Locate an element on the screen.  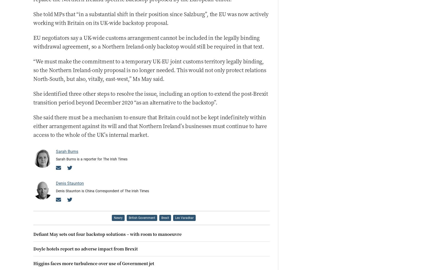
'Sarah Burns is a reporter for The Irish Times' is located at coordinates (91, 159).